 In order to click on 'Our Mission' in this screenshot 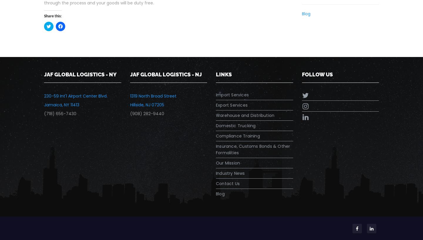, I will do `click(228, 162)`.